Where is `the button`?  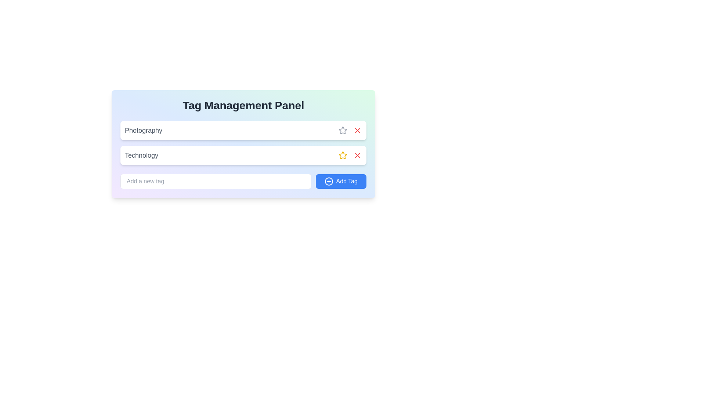
the button is located at coordinates (358, 130).